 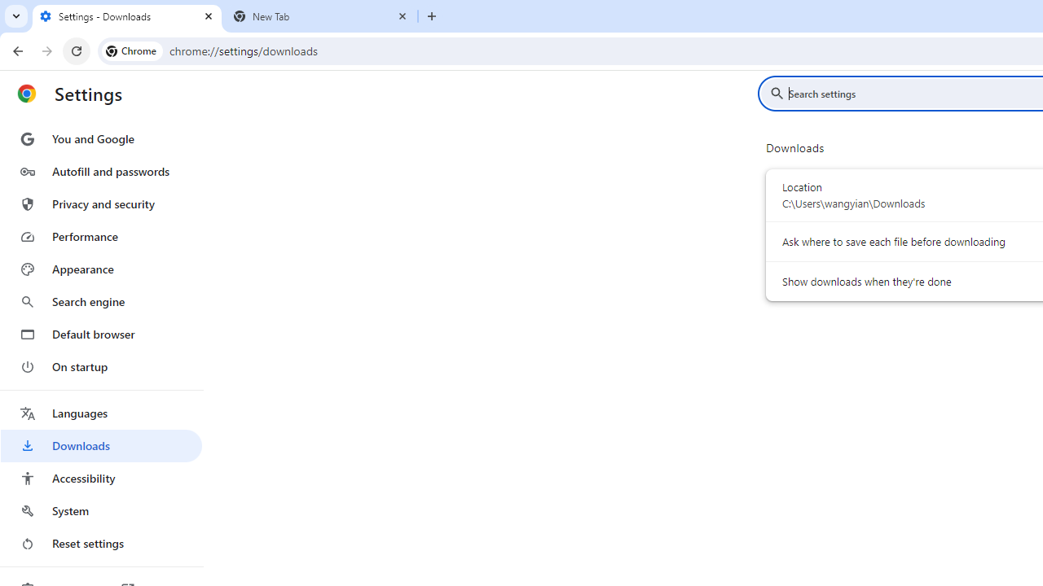 I want to click on 'Settings - Downloads', so click(x=126, y=16).